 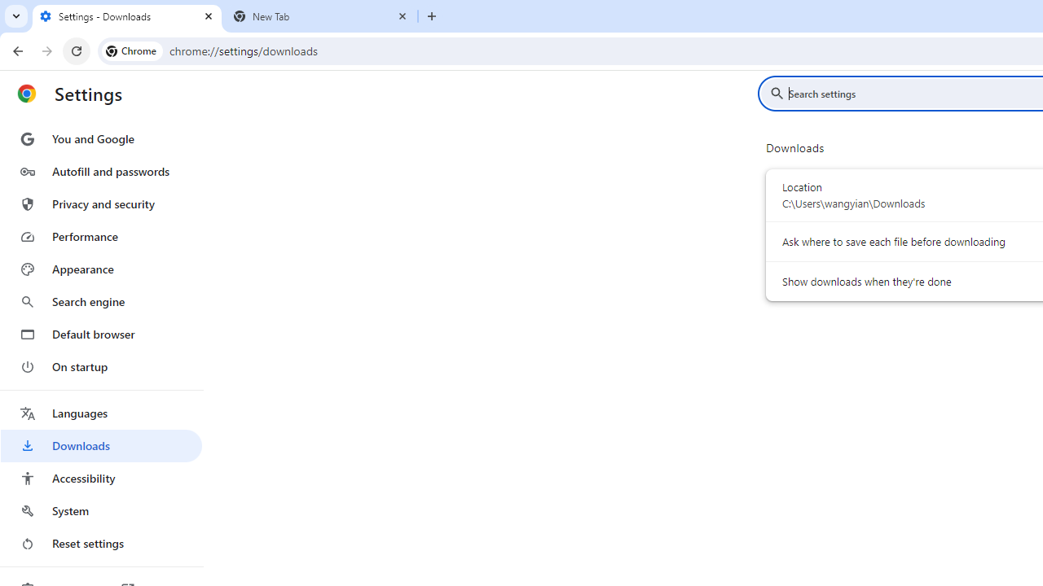 I want to click on 'Settings - Downloads', so click(x=126, y=16).